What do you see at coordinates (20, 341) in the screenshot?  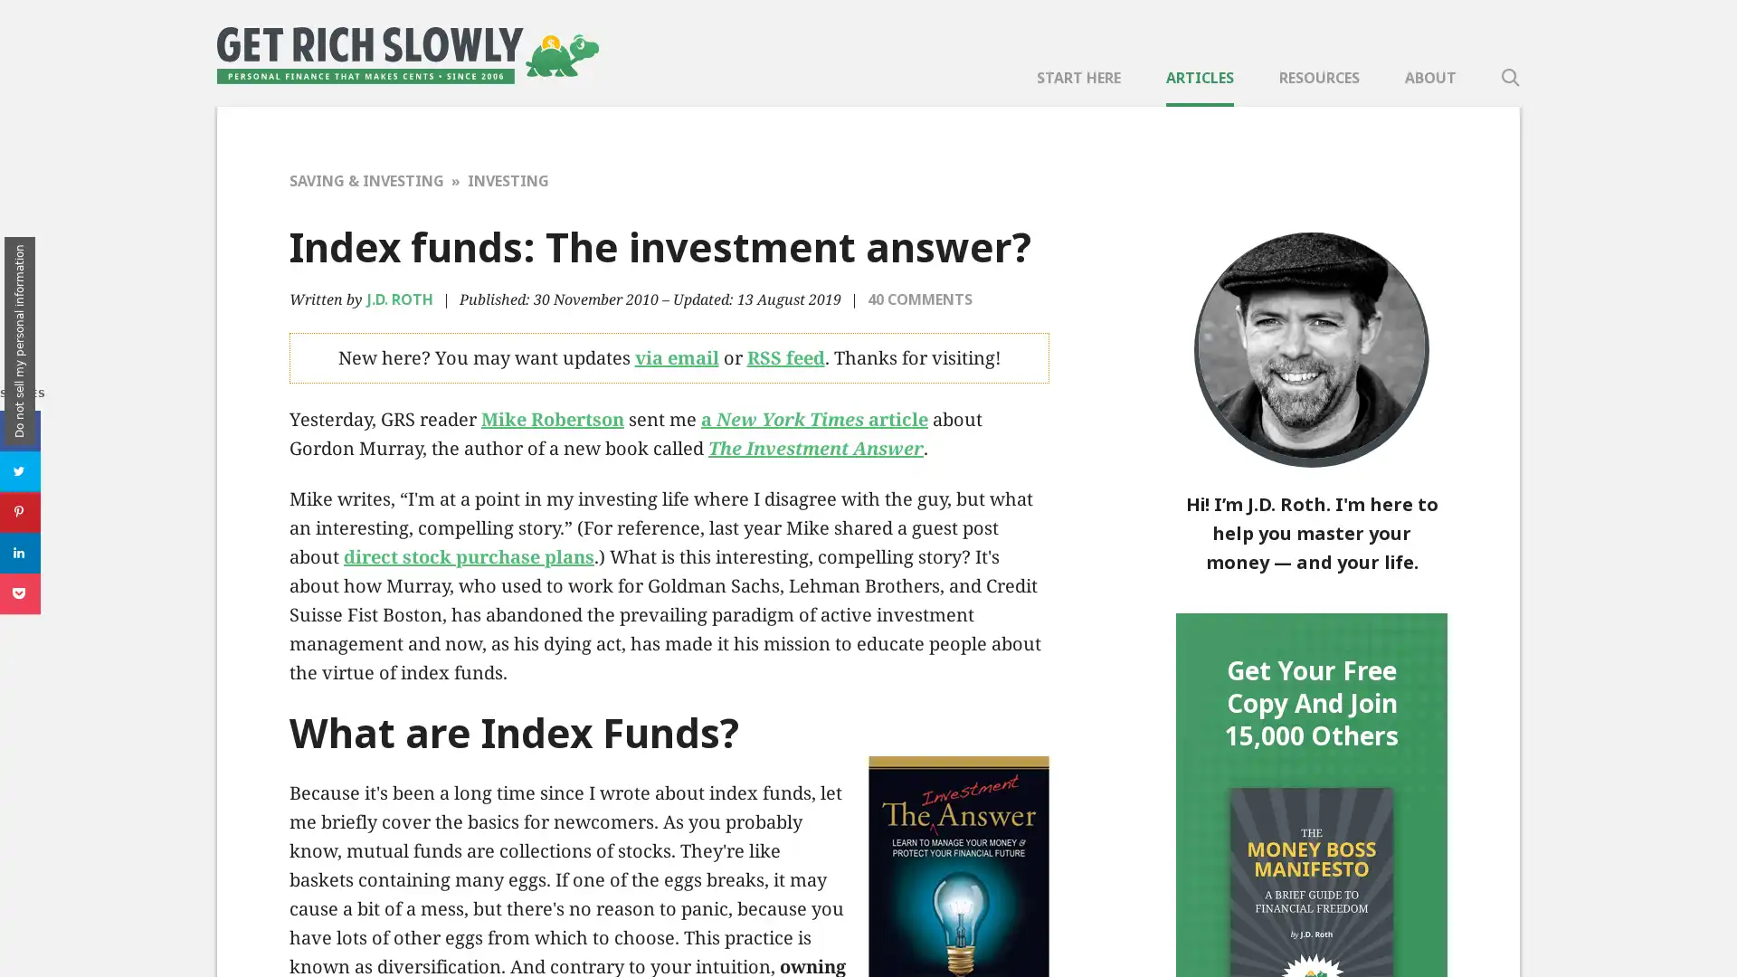 I see `Do not sell my personal information` at bounding box center [20, 341].